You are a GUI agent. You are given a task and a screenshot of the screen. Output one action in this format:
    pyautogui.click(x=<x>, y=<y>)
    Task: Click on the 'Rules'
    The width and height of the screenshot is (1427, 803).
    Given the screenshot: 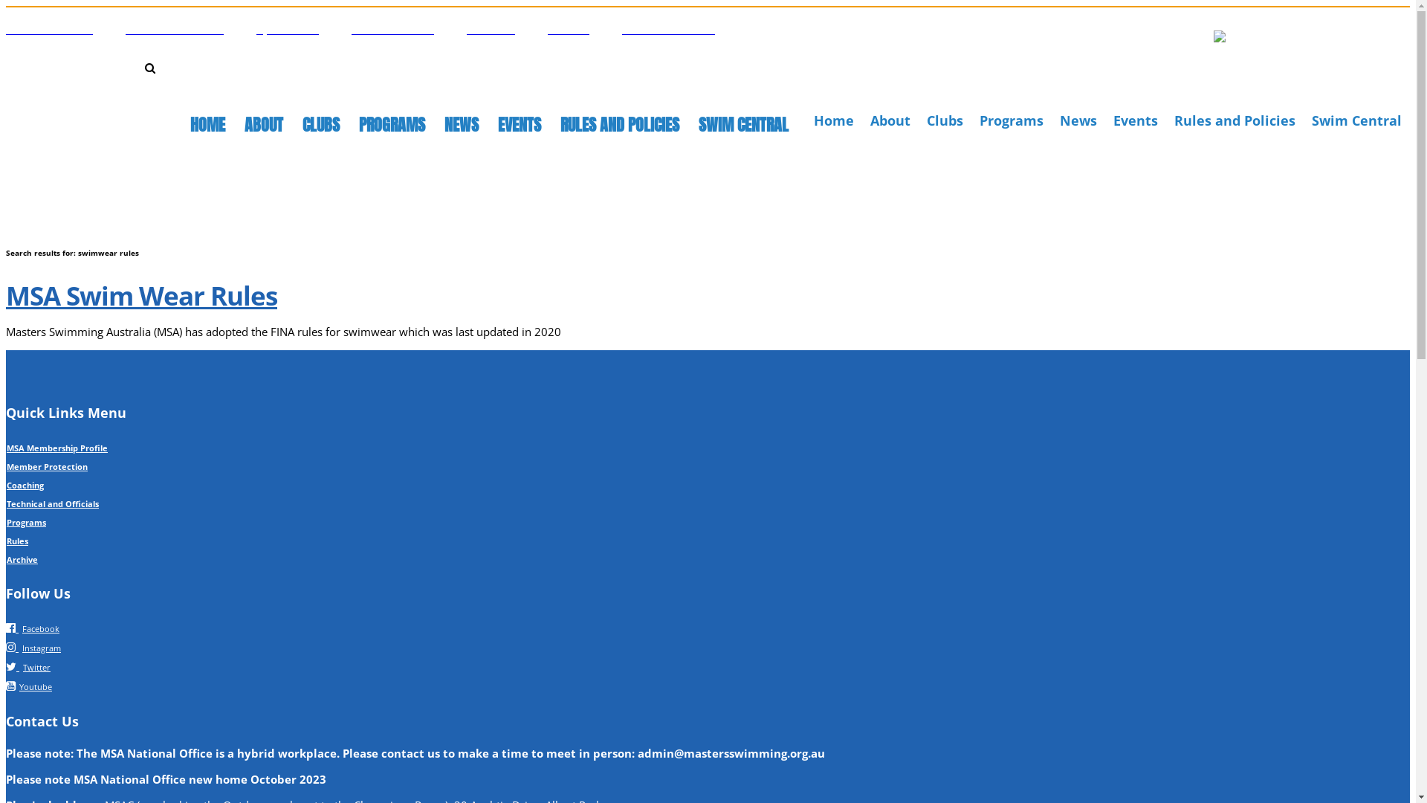 What is the action you would take?
    pyautogui.click(x=17, y=541)
    